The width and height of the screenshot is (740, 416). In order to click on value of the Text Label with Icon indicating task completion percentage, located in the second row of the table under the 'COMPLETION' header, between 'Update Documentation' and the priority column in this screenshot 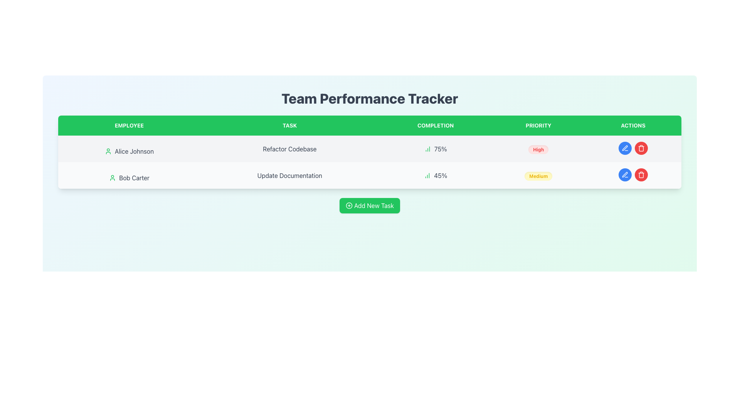, I will do `click(436, 175)`.